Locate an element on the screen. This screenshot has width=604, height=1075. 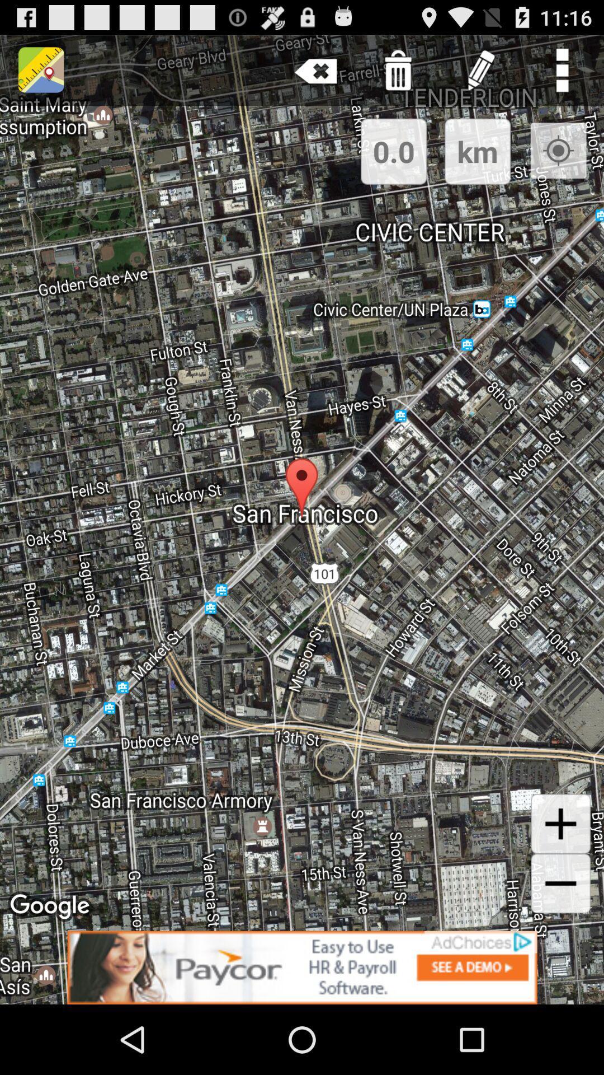
zoom the map is located at coordinates (560, 824).